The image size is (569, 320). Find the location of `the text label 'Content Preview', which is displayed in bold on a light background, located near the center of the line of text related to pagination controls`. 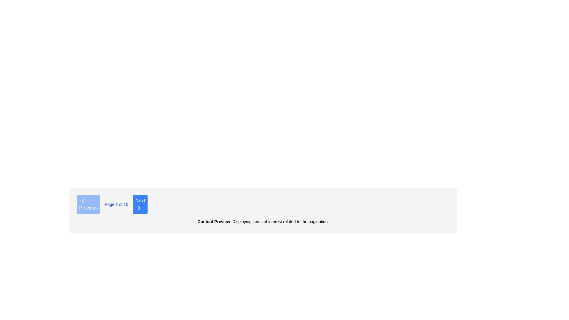

the text label 'Content Preview', which is displayed in bold on a light background, located near the center of the line of text related to pagination controls is located at coordinates (213, 222).